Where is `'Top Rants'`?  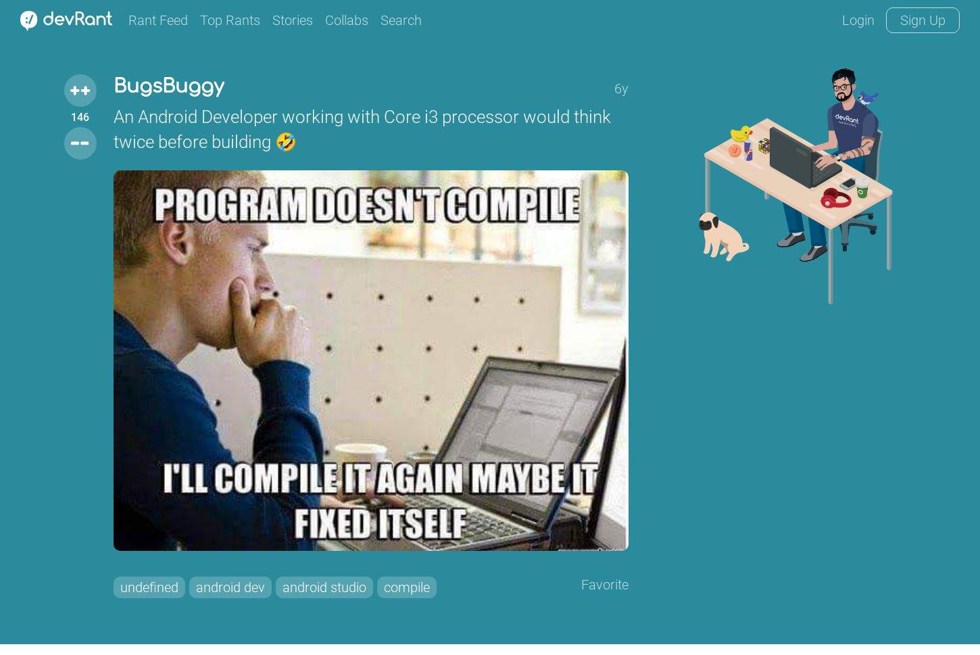
'Top Rants' is located at coordinates (230, 20).